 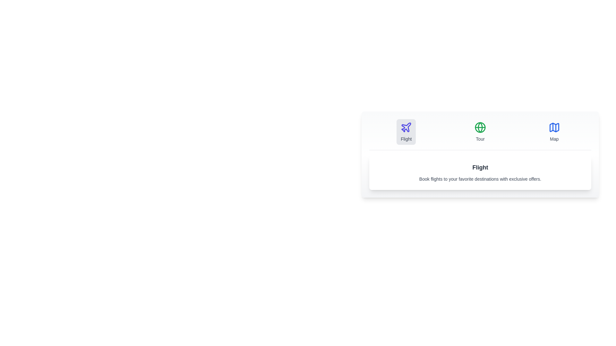 What do you see at coordinates (480, 132) in the screenshot?
I see `the 'Tour' tab to activate it and display its content` at bounding box center [480, 132].